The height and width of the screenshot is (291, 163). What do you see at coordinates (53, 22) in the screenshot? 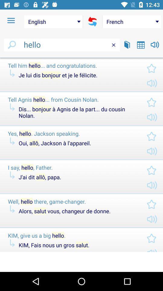
I see `item above hello` at bounding box center [53, 22].